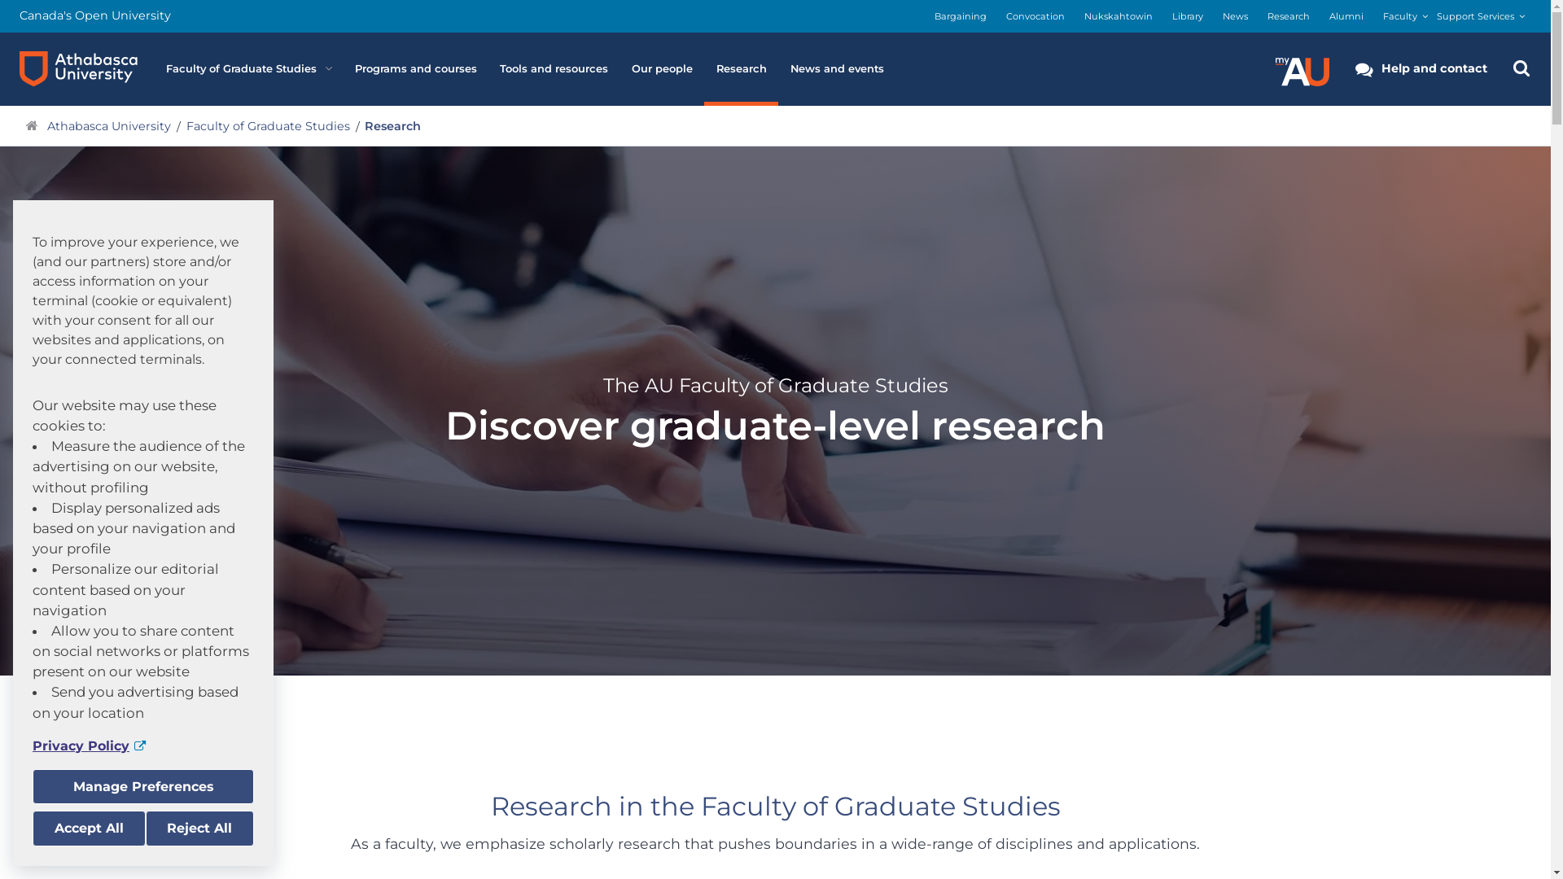 Image resolution: width=1563 pixels, height=879 pixels. What do you see at coordinates (961, 16) in the screenshot?
I see `'Bargaining'` at bounding box center [961, 16].